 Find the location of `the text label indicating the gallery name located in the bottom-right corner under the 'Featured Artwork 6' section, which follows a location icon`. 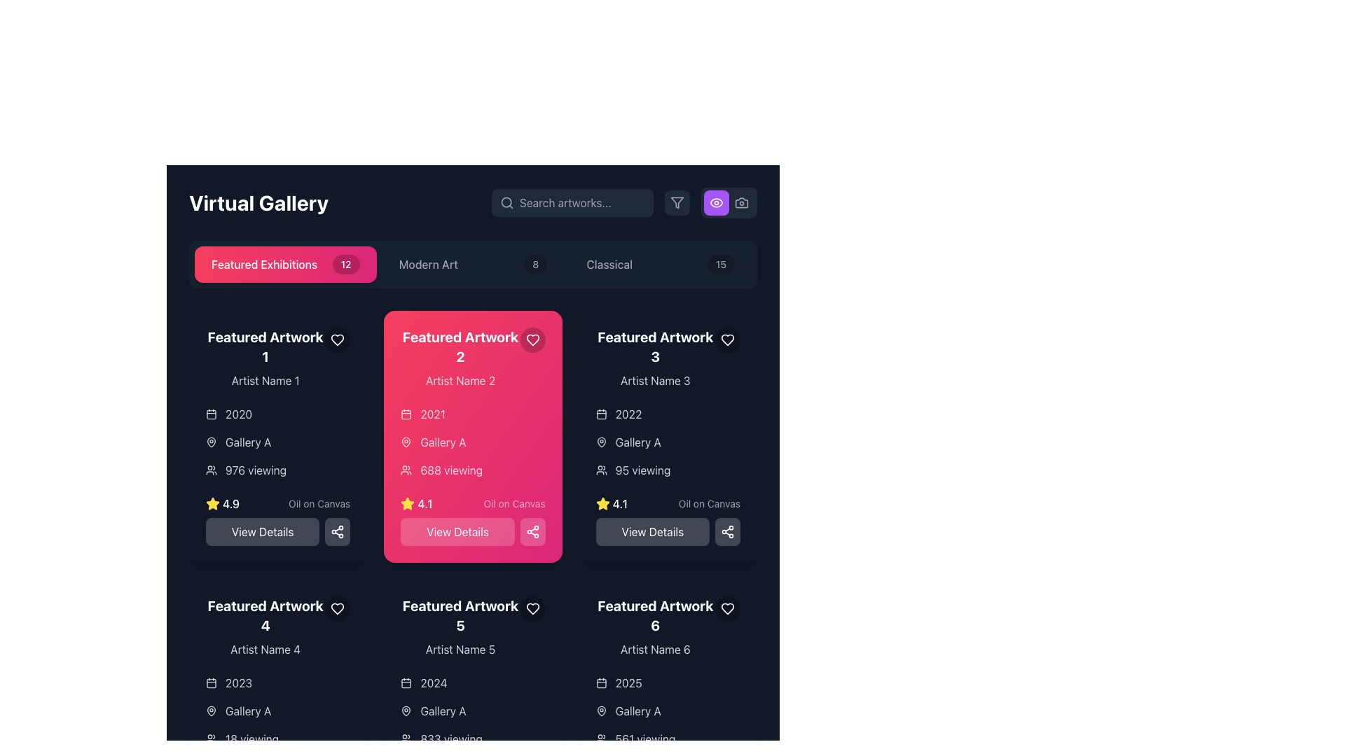

the text label indicating the gallery name located in the bottom-right corner under the 'Featured Artwork 6' section, which follows a location icon is located at coordinates (637, 710).